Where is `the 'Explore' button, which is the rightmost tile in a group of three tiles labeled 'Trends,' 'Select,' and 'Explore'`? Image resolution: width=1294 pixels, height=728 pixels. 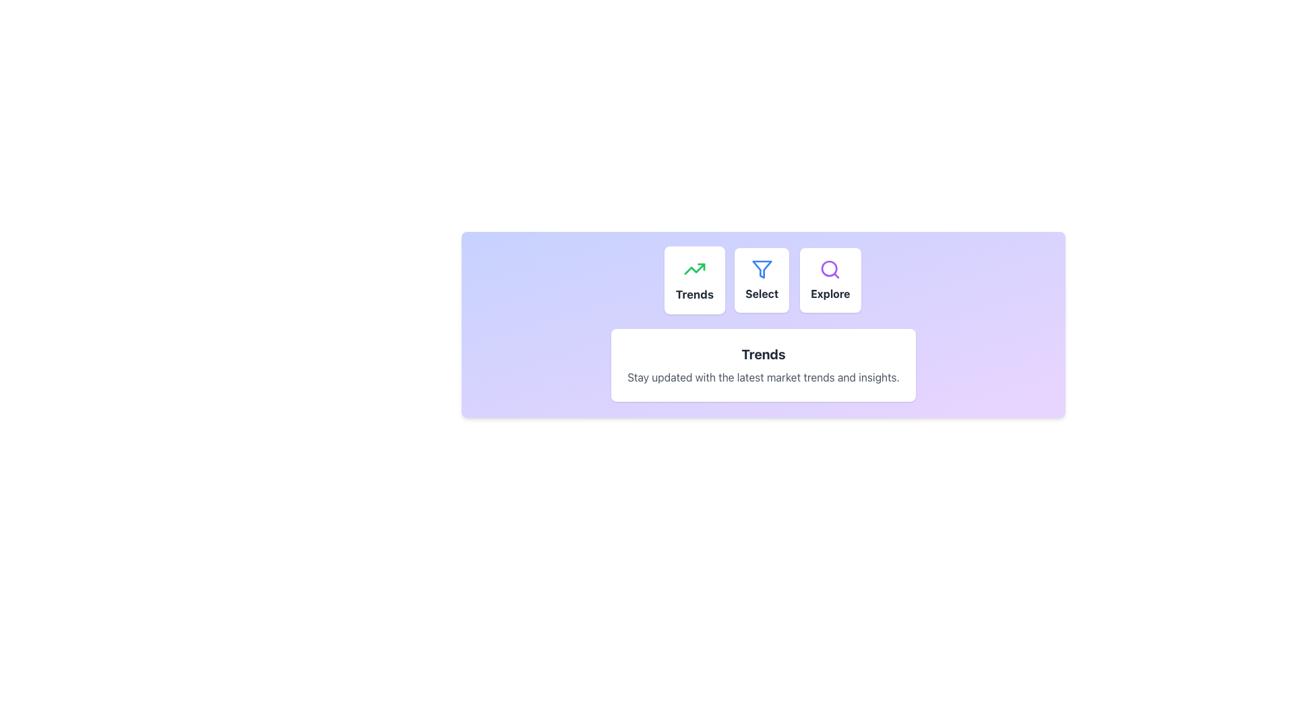 the 'Explore' button, which is the rightmost tile in a group of three tiles labeled 'Trends,' 'Select,' and 'Explore' is located at coordinates (830, 280).